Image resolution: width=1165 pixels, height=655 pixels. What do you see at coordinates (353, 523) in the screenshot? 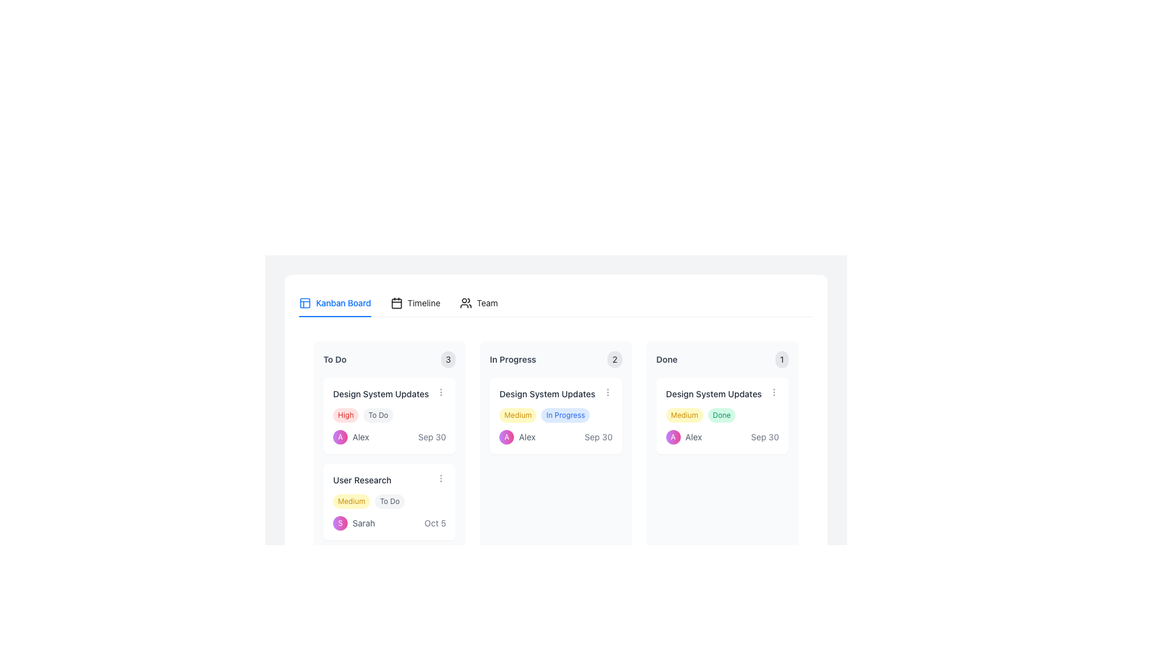
I see `the User identifier that consists of a gradient profile icon with the letter 'S' and the name 'Sarah' in gray, located in the 'To Do' column under the 'User Research' card` at bounding box center [353, 523].